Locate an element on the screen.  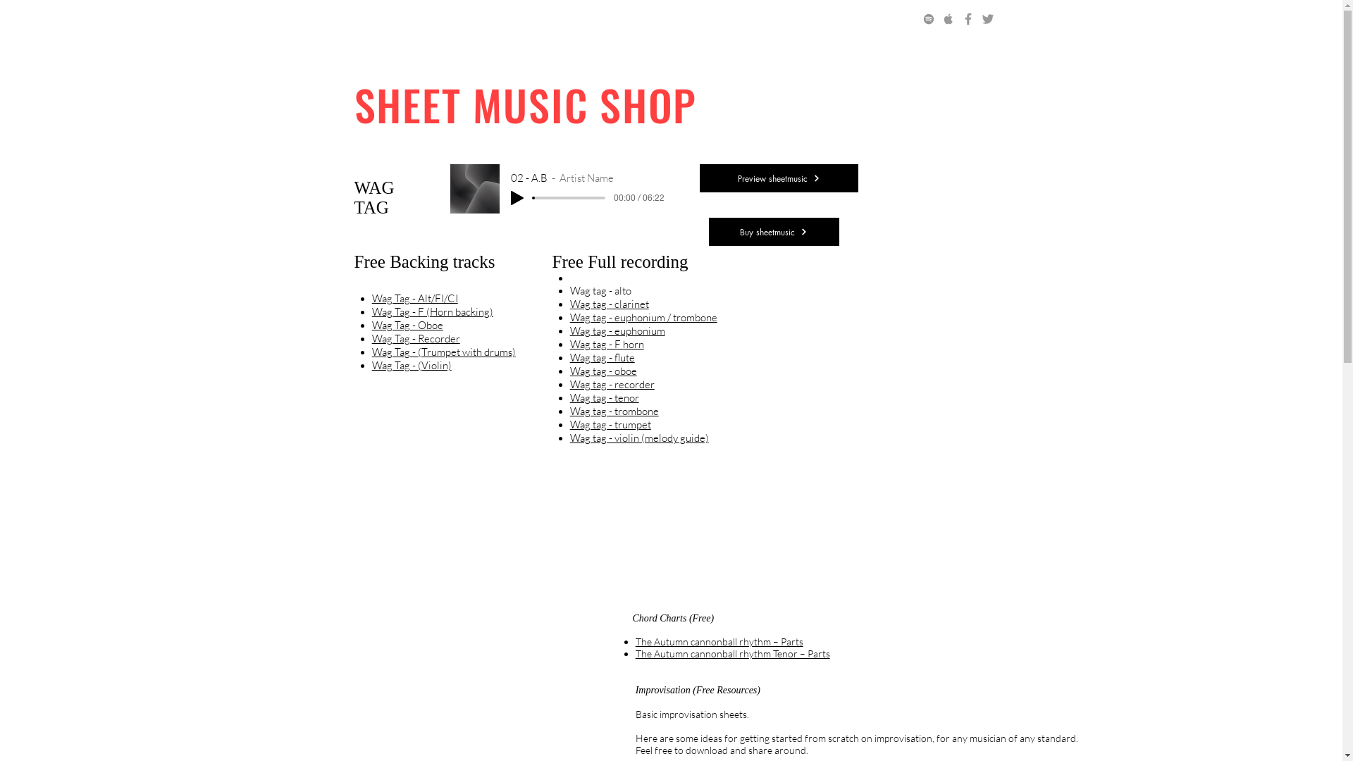
'Wag tag - trombone' is located at coordinates (614, 411).